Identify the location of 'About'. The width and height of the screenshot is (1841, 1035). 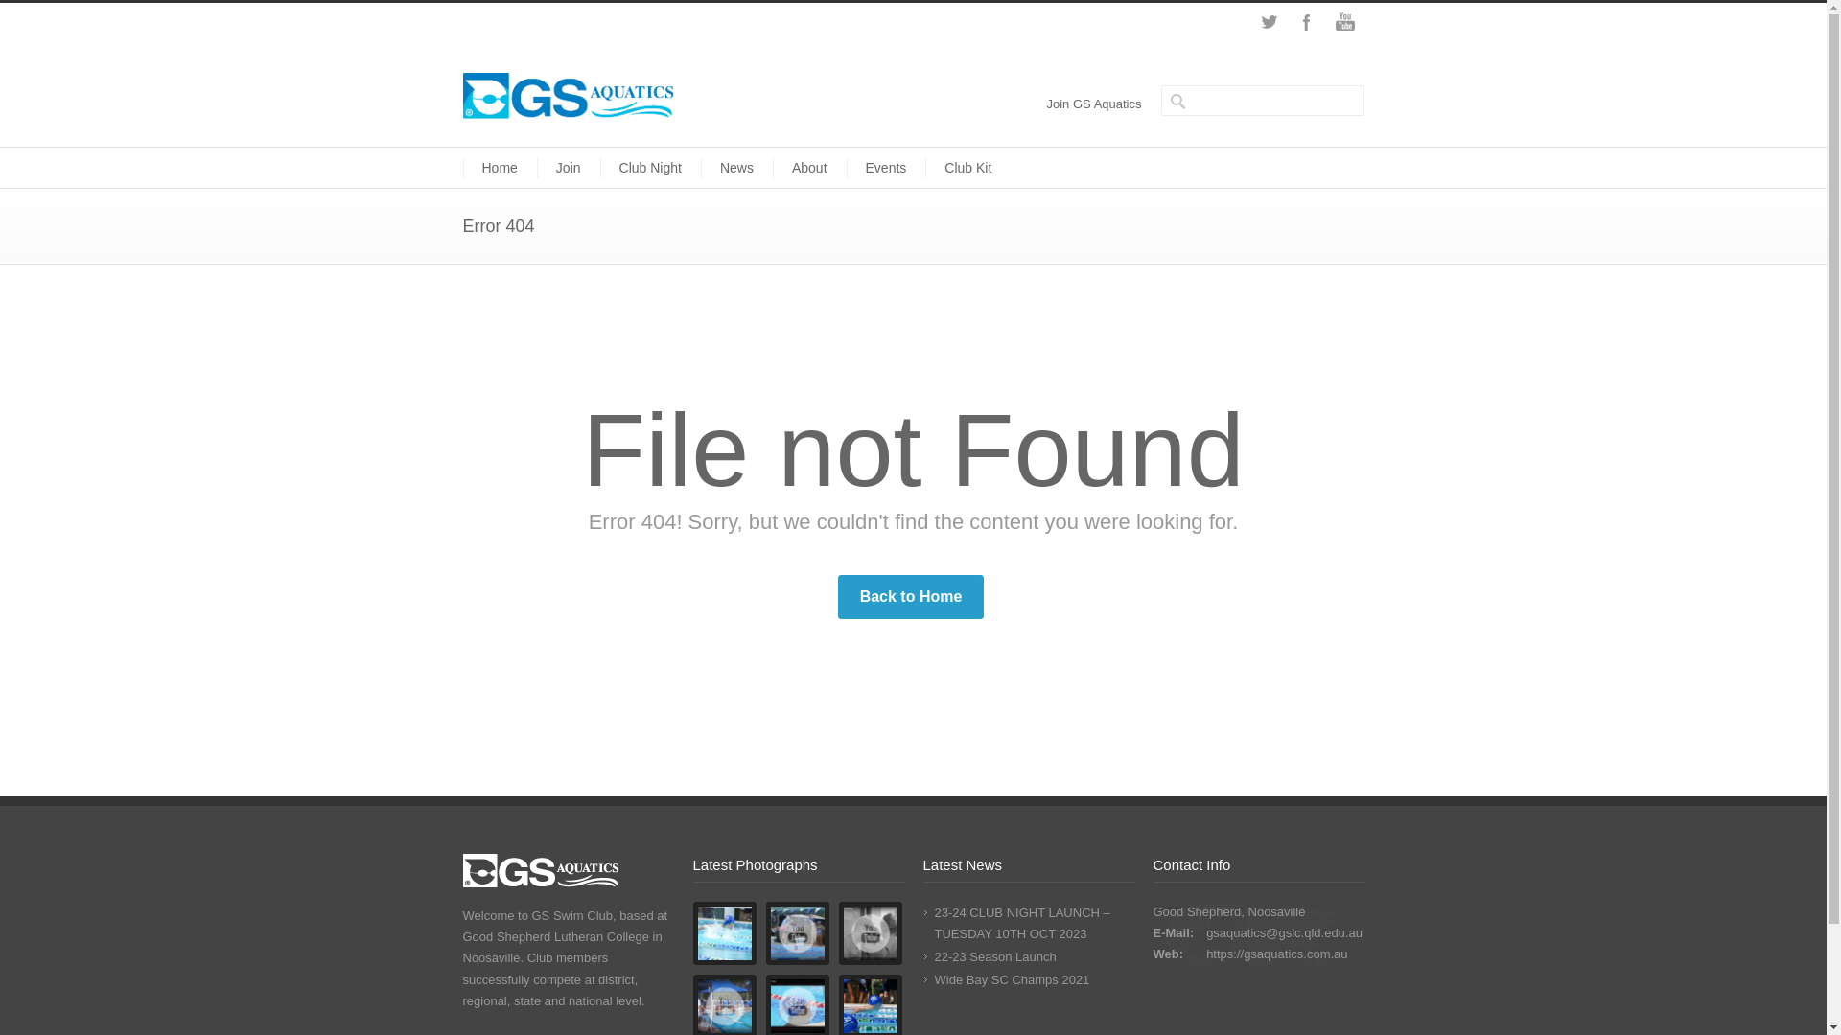
(809, 166).